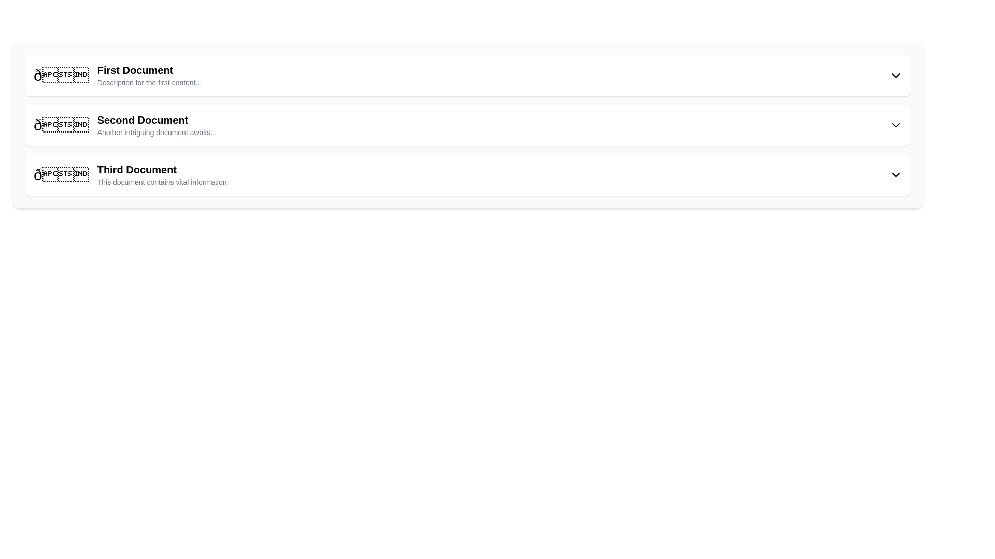 The width and height of the screenshot is (995, 559). Describe the element at coordinates (895, 174) in the screenshot. I see `the Dropdown toggle icon located at the far right of the 'Third Document' list item` at that location.